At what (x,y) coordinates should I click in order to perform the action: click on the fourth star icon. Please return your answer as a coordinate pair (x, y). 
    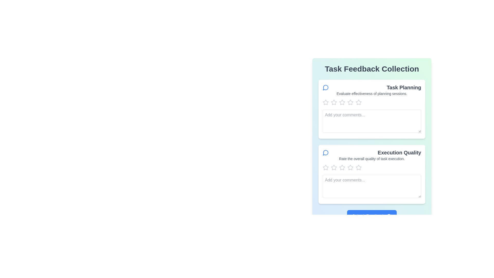
    Looking at the image, I should click on (342, 168).